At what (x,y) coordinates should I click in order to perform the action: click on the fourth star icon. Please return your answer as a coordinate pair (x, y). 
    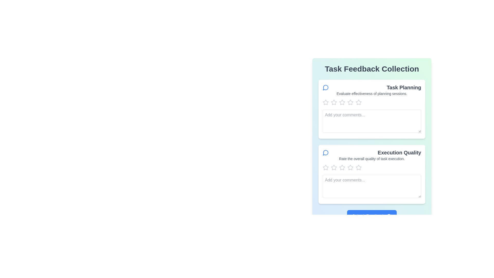
    Looking at the image, I should click on (342, 168).